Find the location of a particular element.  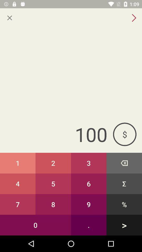

item next to the 3 is located at coordinates (124, 163).